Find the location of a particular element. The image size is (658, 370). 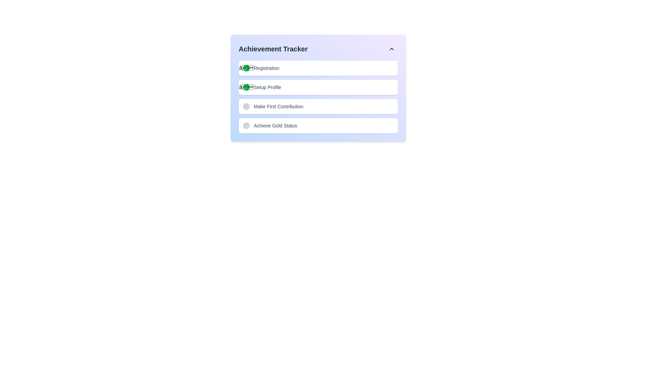

the text label located in the fourth item of the 'Achievement Tracker' list to potentially reveal additional information is located at coordinates (275, 125).